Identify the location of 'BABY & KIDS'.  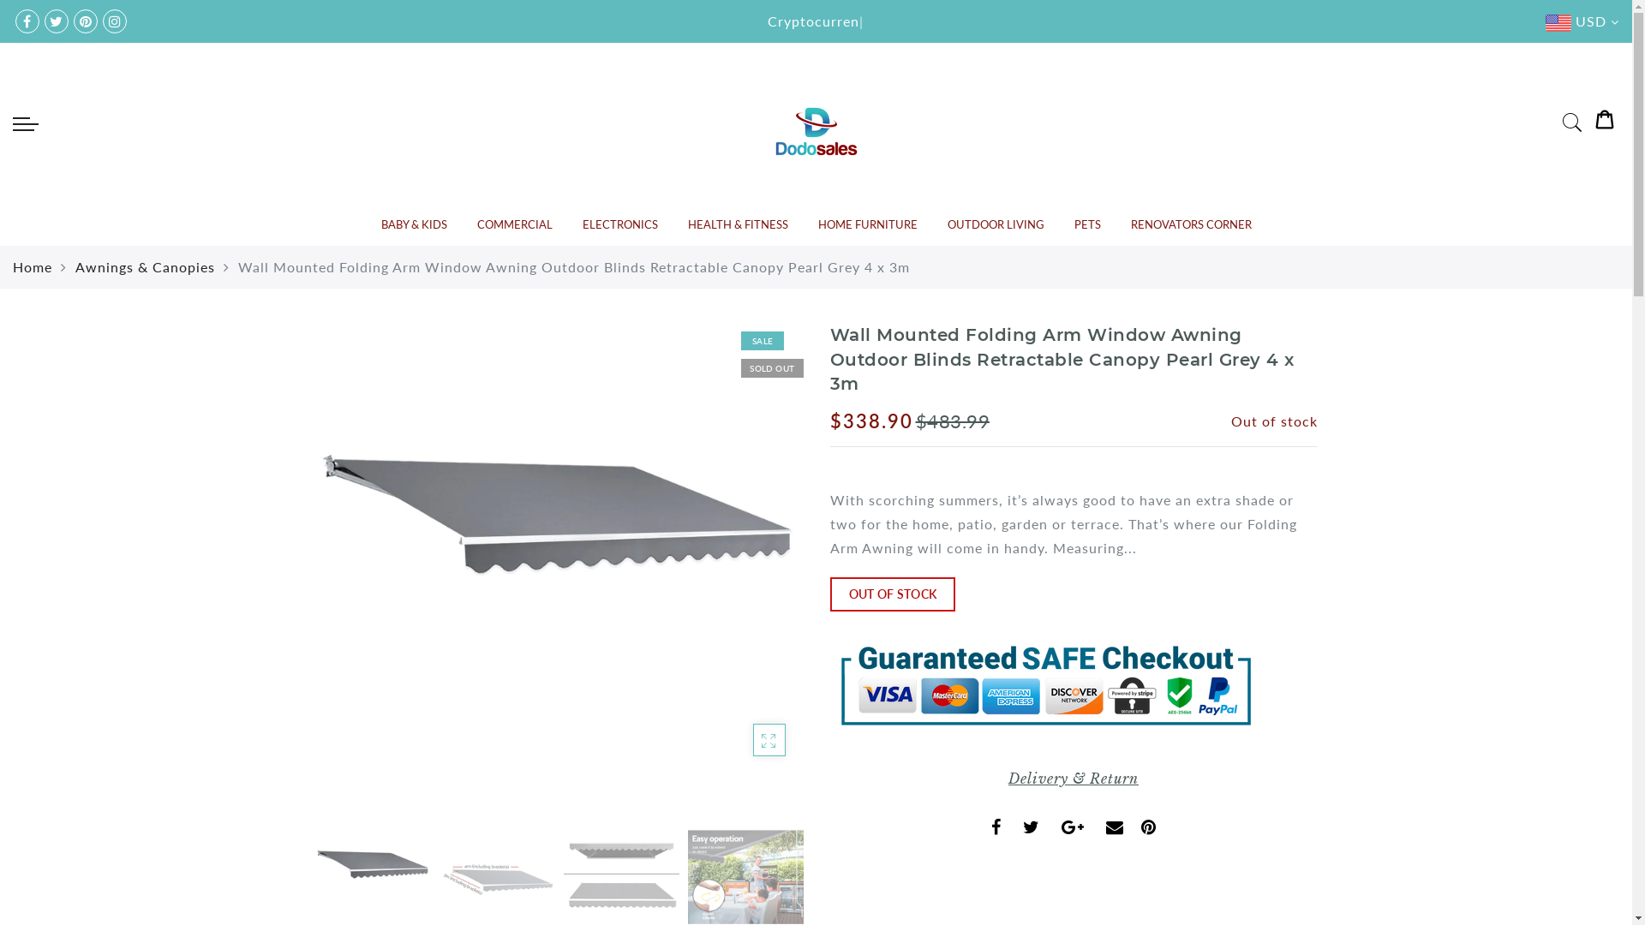
(380, 224).